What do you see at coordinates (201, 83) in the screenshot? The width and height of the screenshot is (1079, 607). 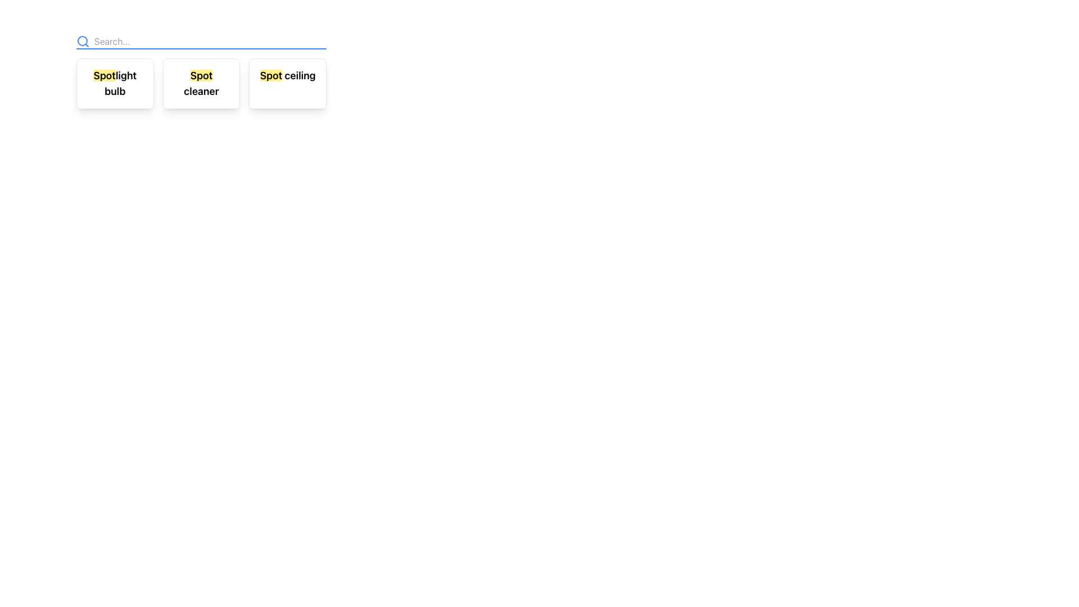 I see `the card displaying the text 'Spot cleaner.' which is the second card in a group of three cards` at bounding box center [201, 83].